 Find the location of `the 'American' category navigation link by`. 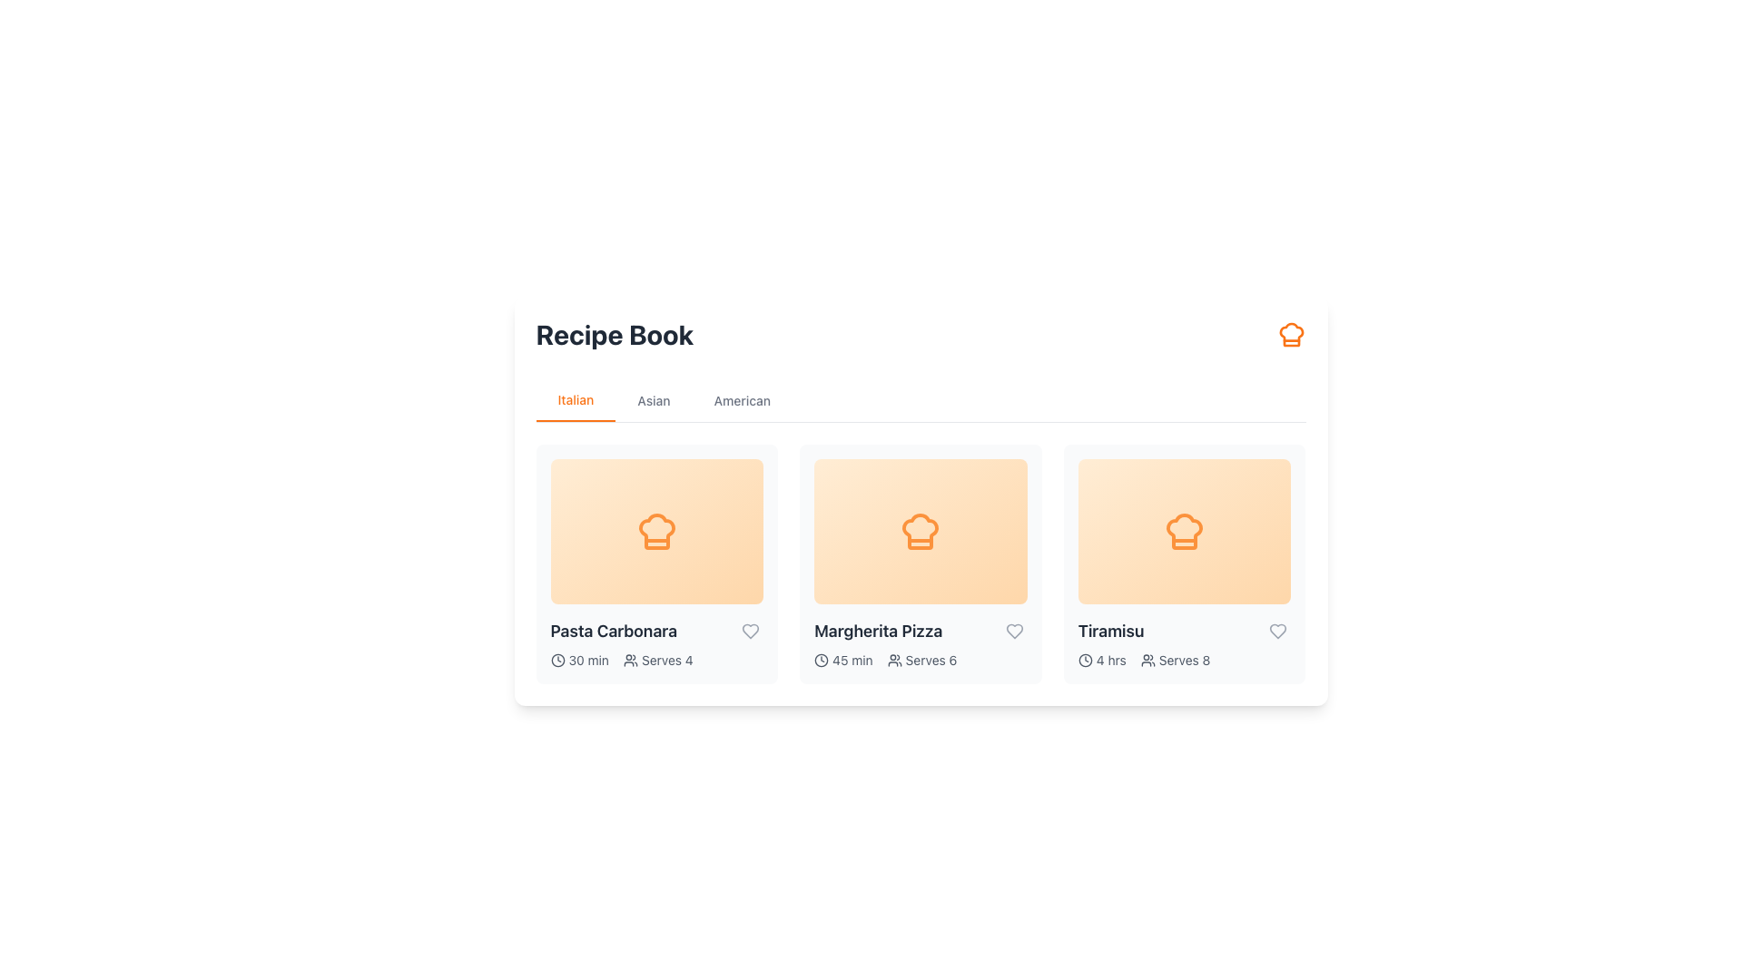

the 'American' category navigation link by is located at coordinates (742, 400).